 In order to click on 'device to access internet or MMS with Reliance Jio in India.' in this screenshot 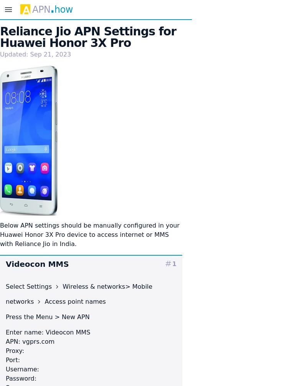, I will do `click(84, 239)`.